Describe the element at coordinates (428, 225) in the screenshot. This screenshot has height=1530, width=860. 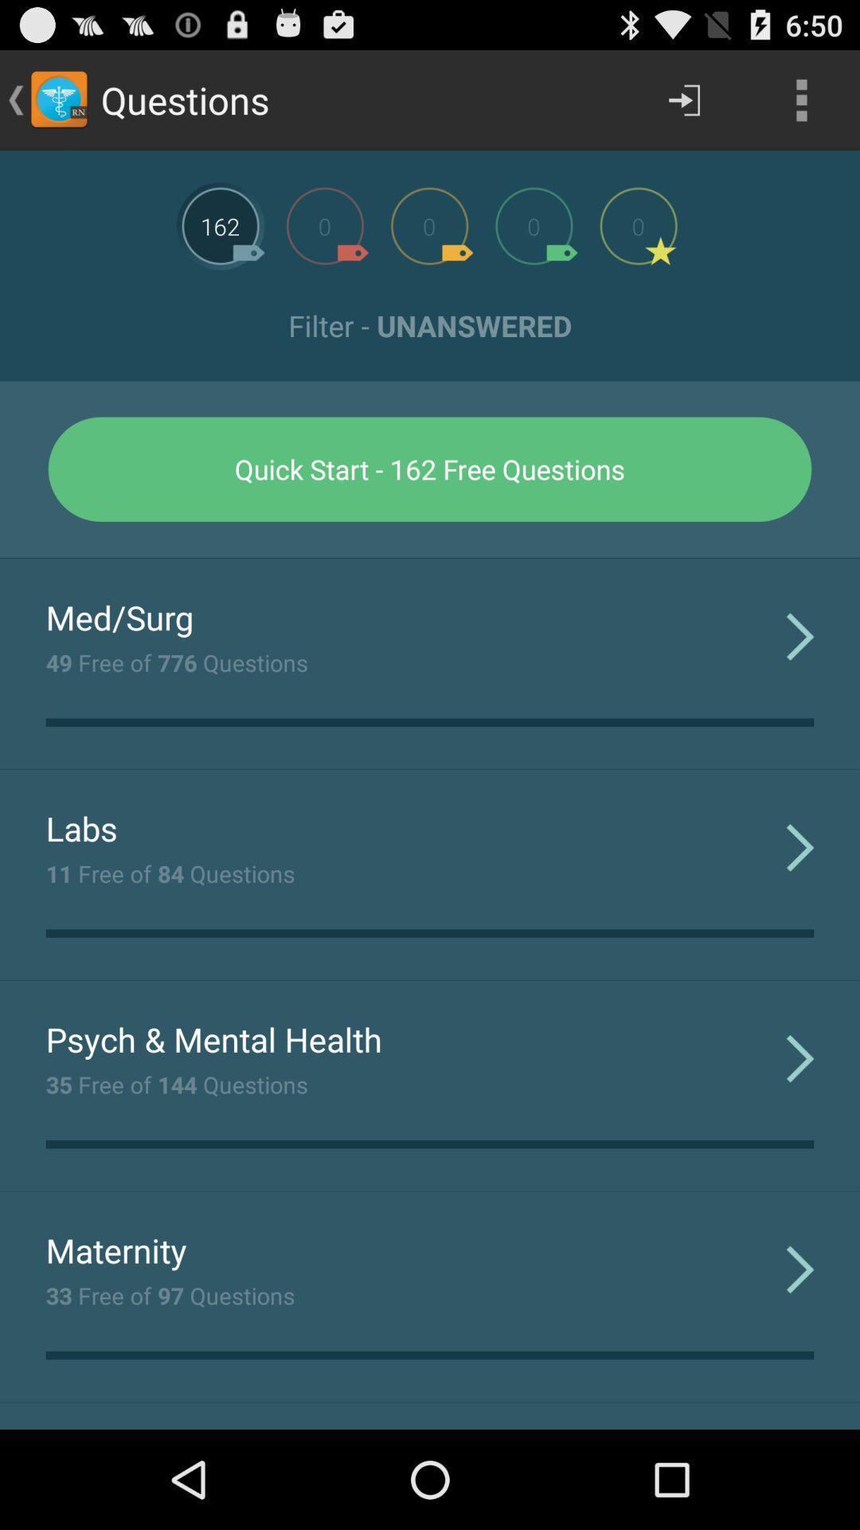
I see `yellow tag` at that location.